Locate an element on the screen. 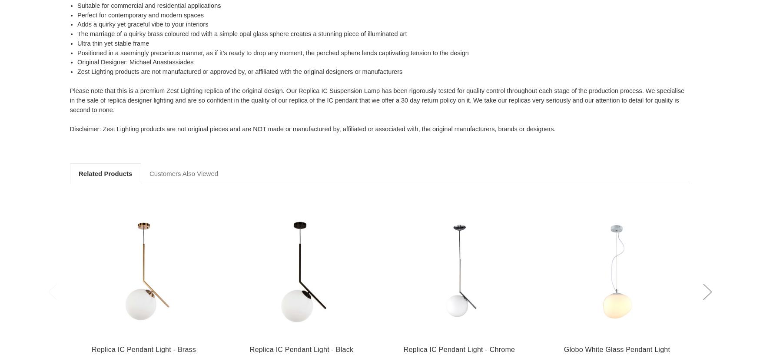 Image resolution: width=760 pixels, height=355 pixels. 'Please note that this is a premium Zest Lighting replica of the original design. Our Replica IC Suspension Lamp has been rigorously tested for quality control throughout each stage of the production process. We specialise in the sale of replica designer lighting and are so confident in the quality of our replica of the IC pendant that we offer a 30 day return policy on it. We take our replicas very seriously and our attention to detail for quality is second to none.' is located at coordinates (376, 100).